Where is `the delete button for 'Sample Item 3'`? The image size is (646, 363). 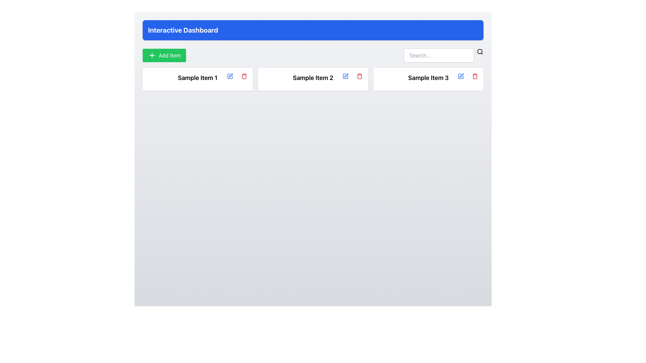 the delete button for 'Sample Item 3' is located at coordinates (474, 76).